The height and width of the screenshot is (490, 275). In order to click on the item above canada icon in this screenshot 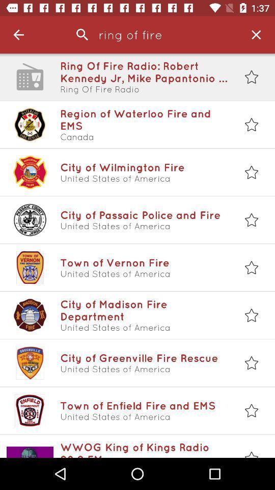, I will do `click(144, 119)`.